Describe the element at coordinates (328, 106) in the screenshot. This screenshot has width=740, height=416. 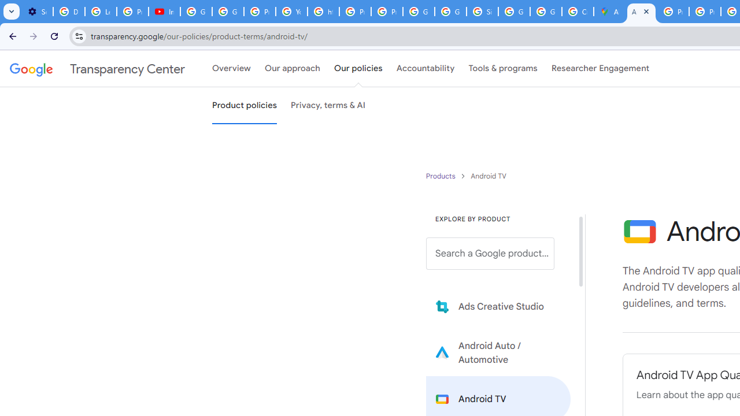
I see `'Privacy, terms & AI'` at that location.